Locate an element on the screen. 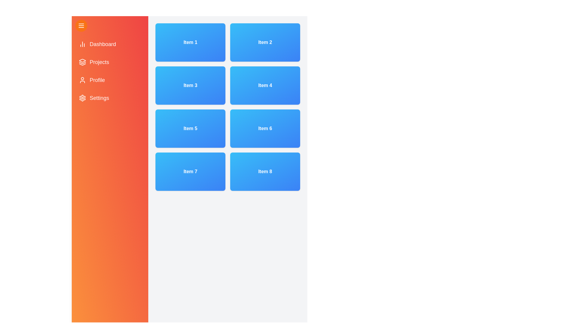 This screenshot has height=323, width=574. menu button to toggle the drawer's open/close state is located at coordinates (81, 25).